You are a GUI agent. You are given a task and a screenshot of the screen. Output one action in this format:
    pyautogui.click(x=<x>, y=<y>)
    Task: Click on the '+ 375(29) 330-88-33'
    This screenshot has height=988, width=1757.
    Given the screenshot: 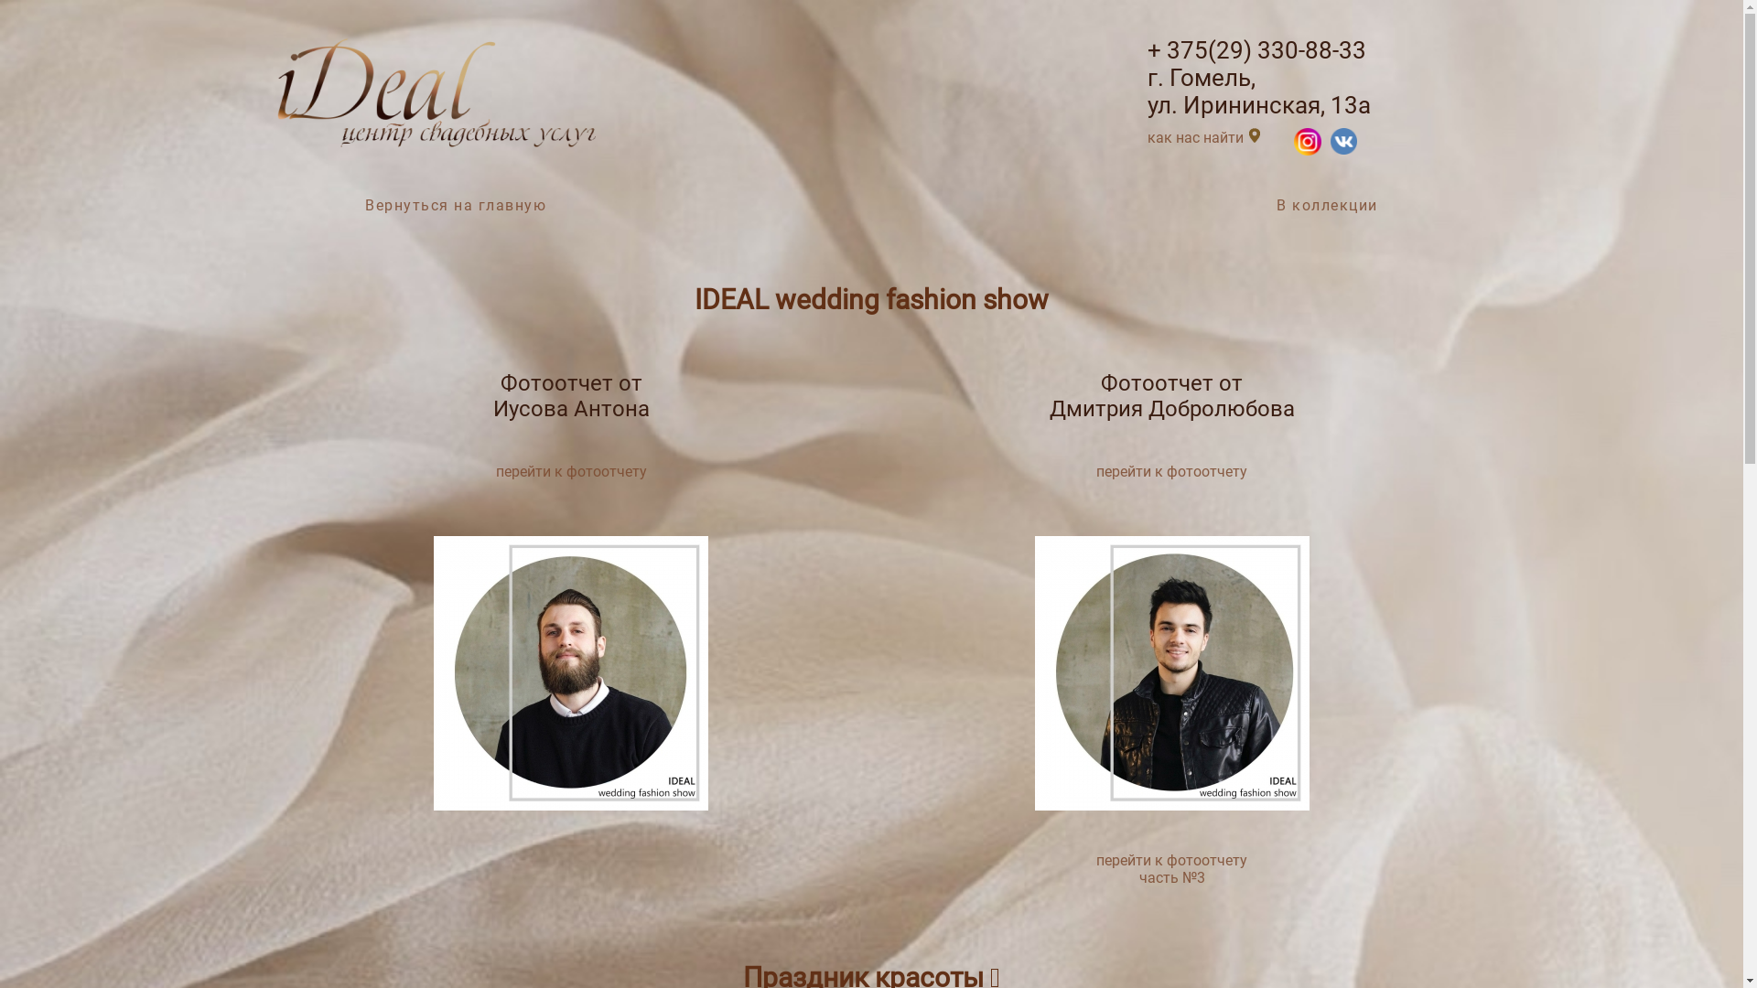 What is the action you would take?
    pyautogui.click(x=1146, y=48)
    